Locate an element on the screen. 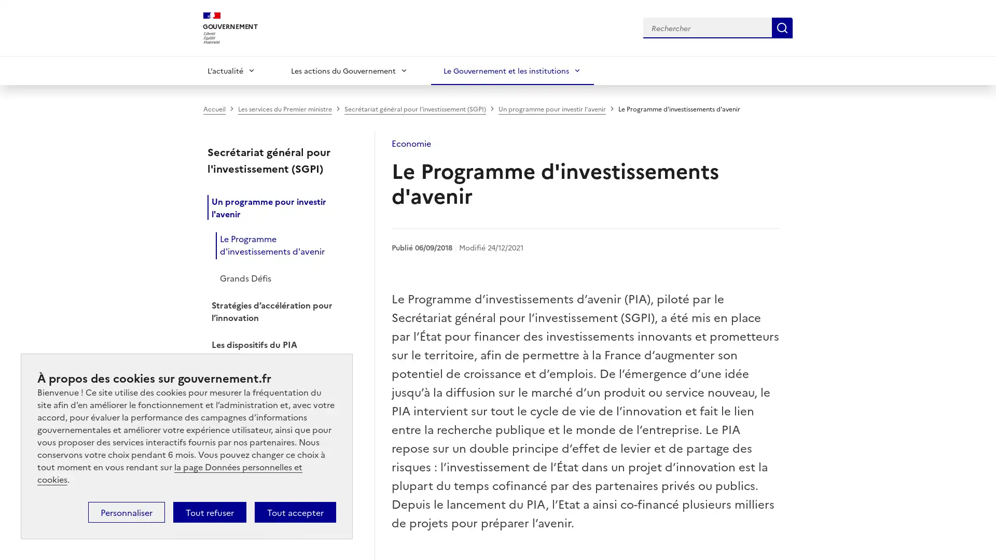  Personnaliser is located at coordinates (126, 511).